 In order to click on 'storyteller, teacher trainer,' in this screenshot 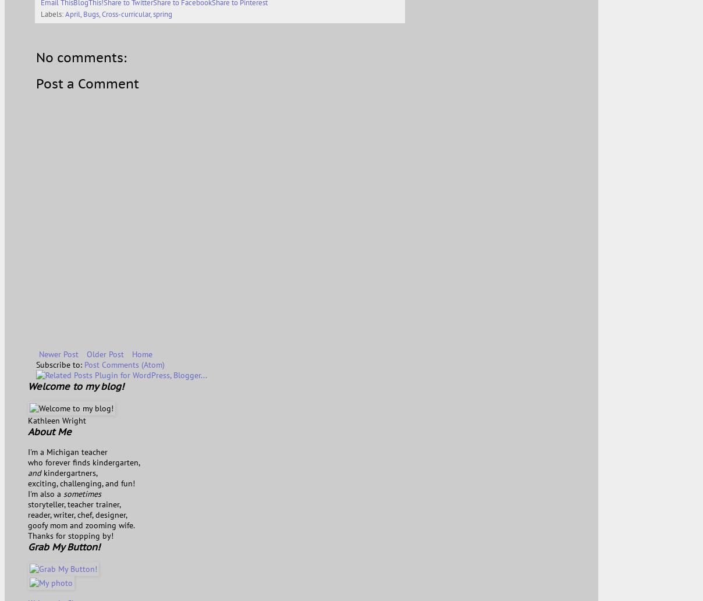, I will do `click(74, 503)`.